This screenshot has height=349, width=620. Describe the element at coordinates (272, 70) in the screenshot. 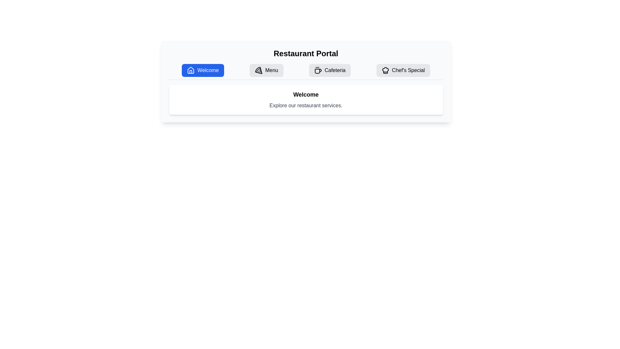

I see `the 'Menu' text label, which is part of a horizontally aligned menu bar and displays the word 'Menu' in black text on a light background` at that location.